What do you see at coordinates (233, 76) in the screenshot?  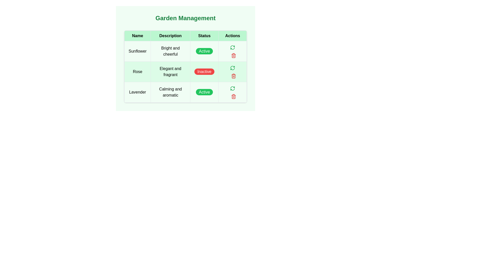 I see `the trash bin button in the 'Actions' column of the 'Rose' item row` at bounding box center [233, 76].